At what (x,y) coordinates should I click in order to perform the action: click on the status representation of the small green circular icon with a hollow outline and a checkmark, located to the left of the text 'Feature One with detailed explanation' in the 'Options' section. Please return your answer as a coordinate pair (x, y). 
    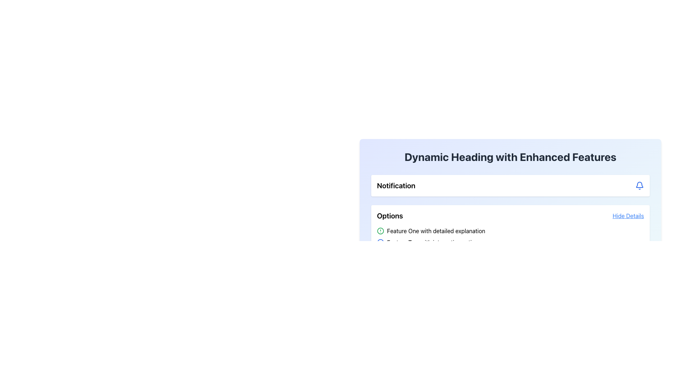
    Looking at the image, I should click on (380, 231).